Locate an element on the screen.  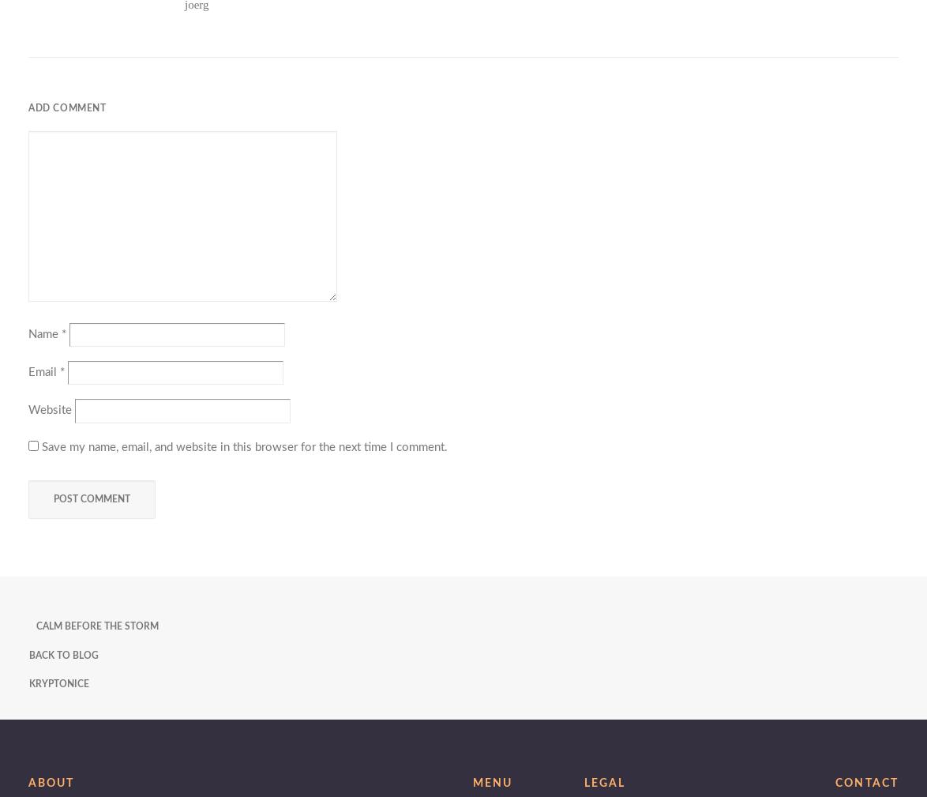
'Add comment' is located at coordinates (28, 107).